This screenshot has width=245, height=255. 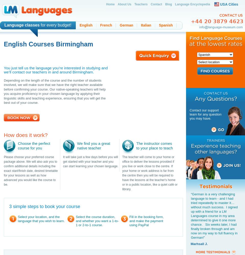 I want to click on 'Fill in the booking form, and make the payment using PayPal', so click(x=146, y=220).